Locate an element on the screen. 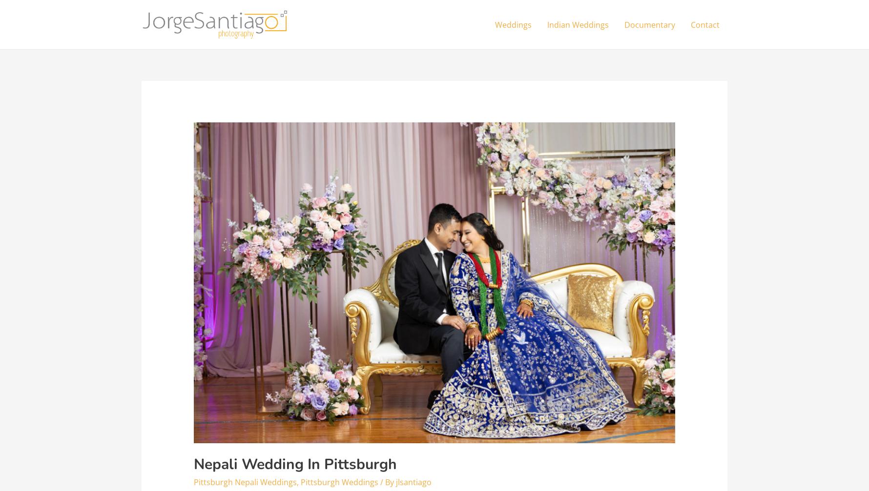 Image resolution: width=869 pixels, height=491 pixels. 'Indian Weddings' is located at coordinates (578, 24).